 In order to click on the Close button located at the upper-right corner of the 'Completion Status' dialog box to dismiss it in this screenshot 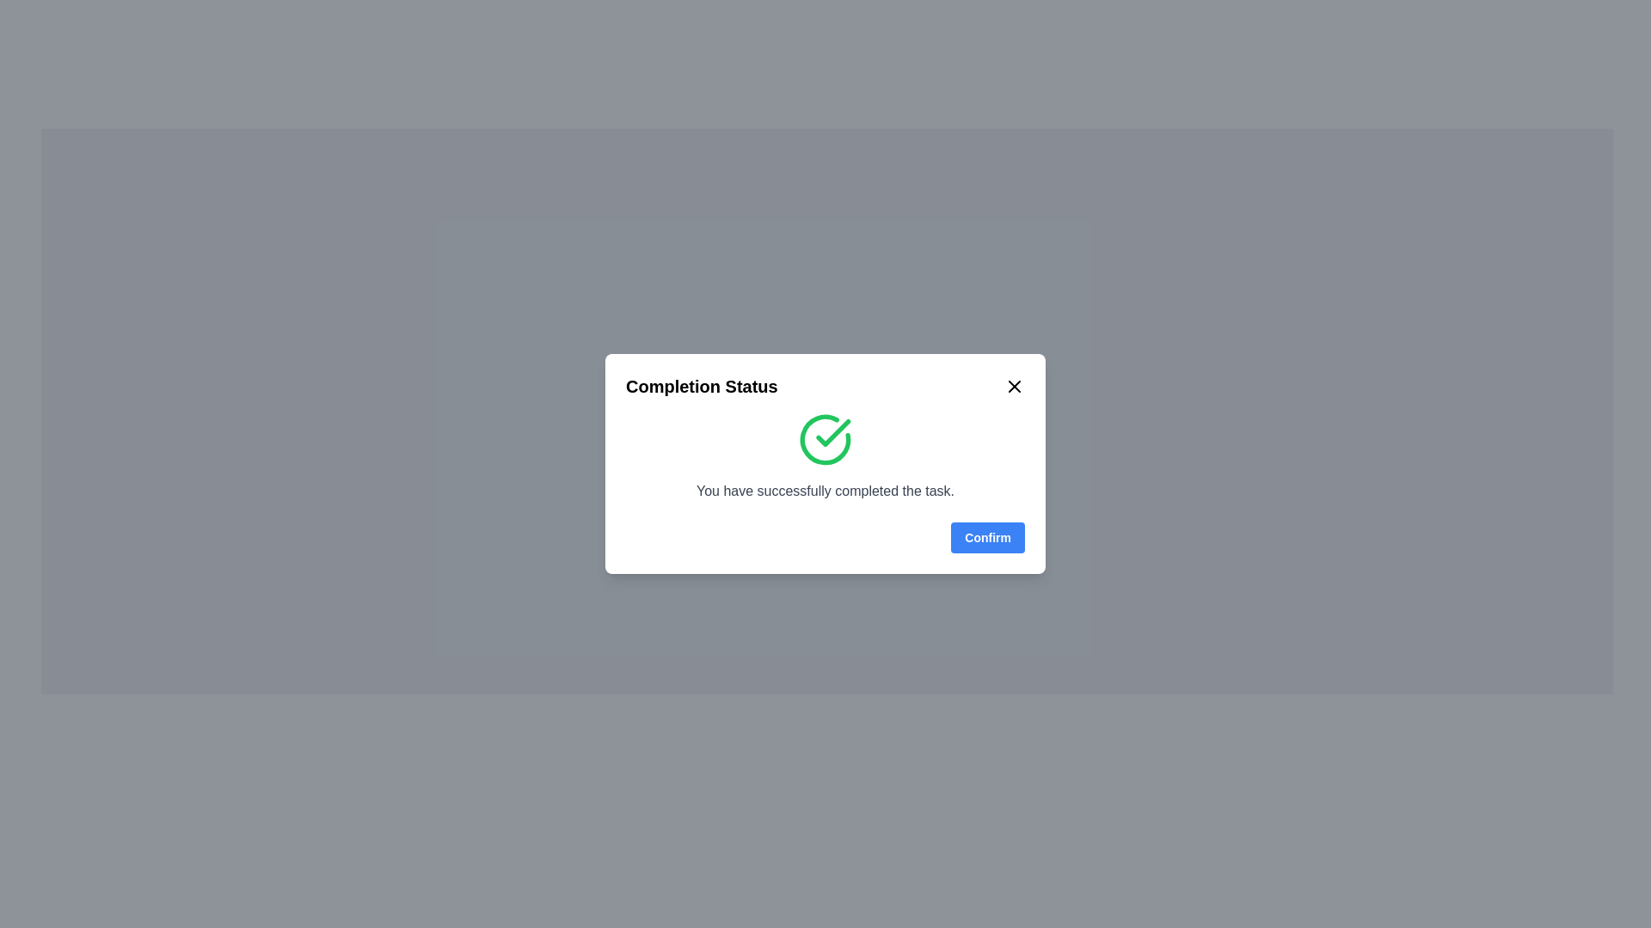, I will do `click(1015, 387)`.